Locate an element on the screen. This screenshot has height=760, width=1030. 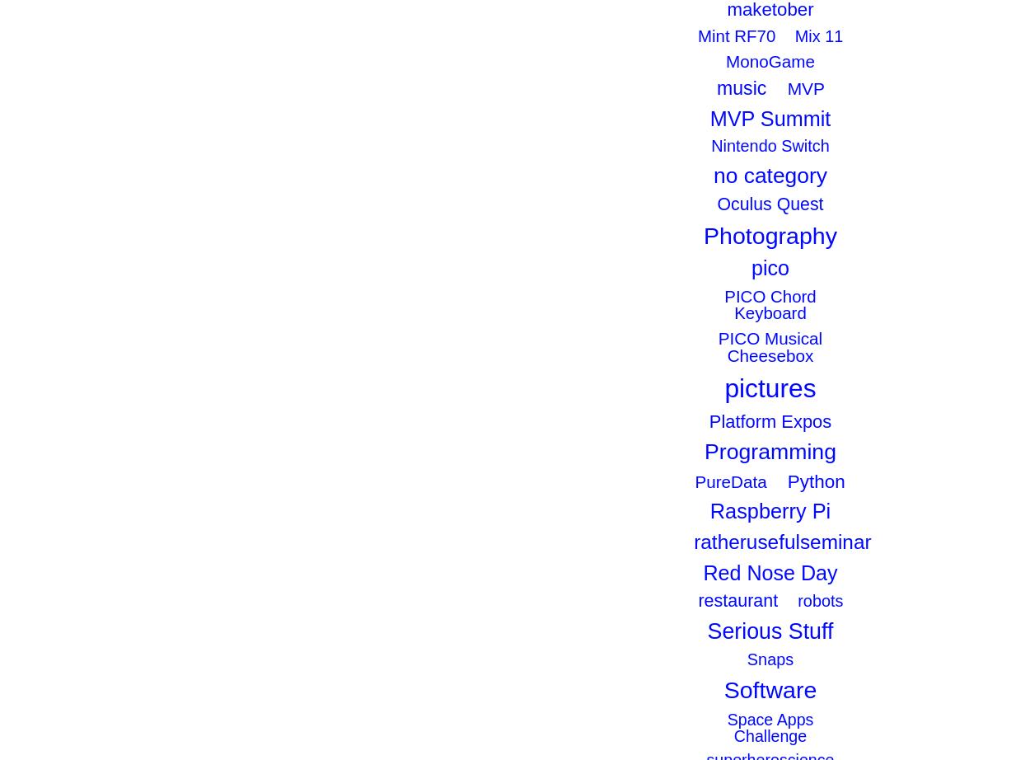
'Python' is located at coordinates (815, 481).